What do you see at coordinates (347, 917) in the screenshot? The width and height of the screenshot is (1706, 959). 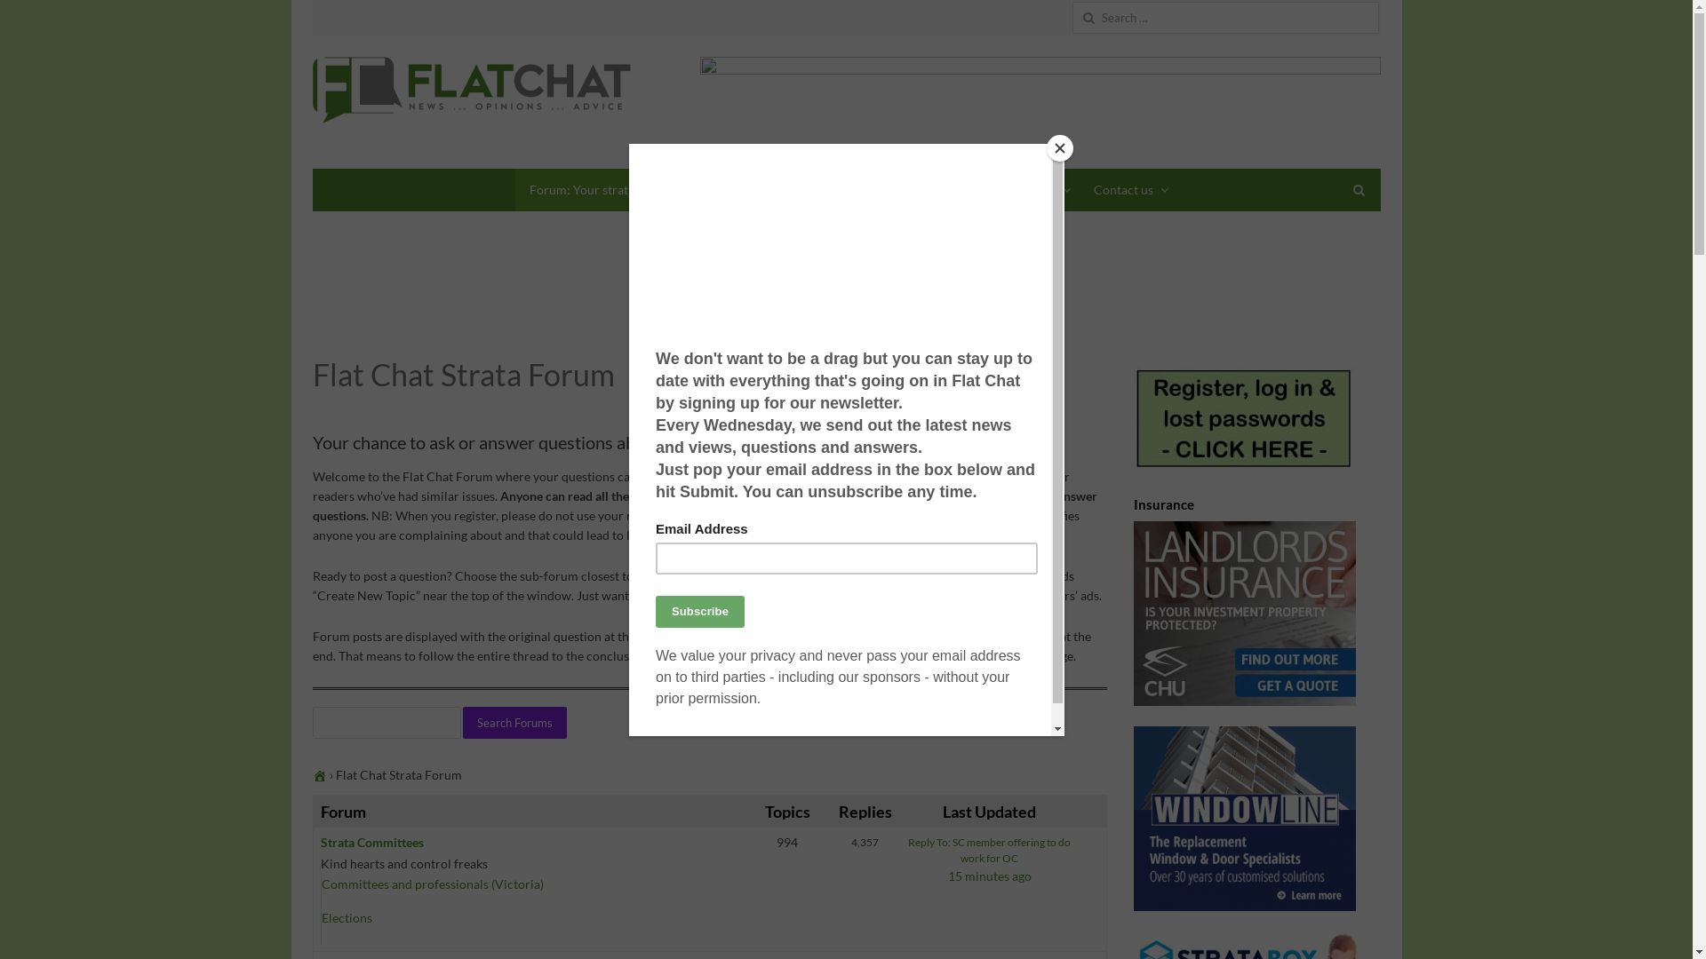 I see `'Elections'` at bounding box center [347, 917].